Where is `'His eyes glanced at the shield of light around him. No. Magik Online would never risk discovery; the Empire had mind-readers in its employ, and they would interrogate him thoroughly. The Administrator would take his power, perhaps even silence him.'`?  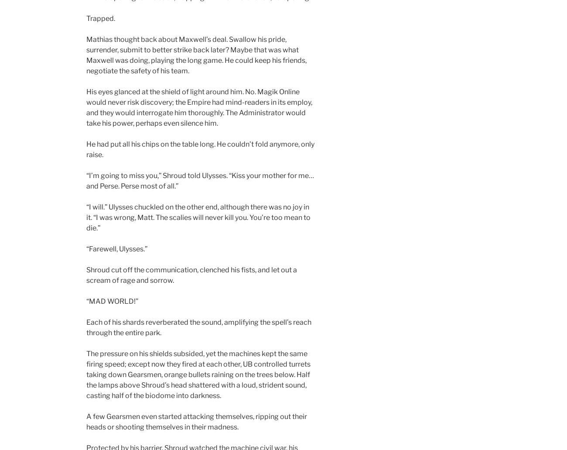
'His eyes glanced at the shield of light around him. No. Magik Online would never risk discovery; the Empire had mind-readers in its employ, and they would interrogate him thoroughly. The Administrator would take his power, perhaps even silence him.' is located at coordinates (198, 107).